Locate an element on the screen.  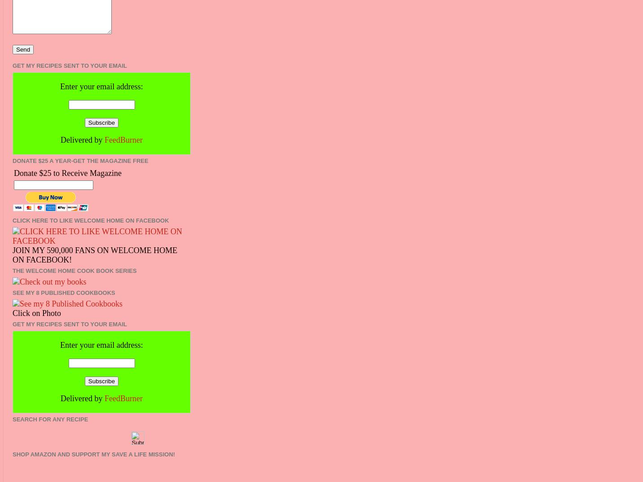
'See my 8 Published Cookbooks' is located at coordinates (63, 292).